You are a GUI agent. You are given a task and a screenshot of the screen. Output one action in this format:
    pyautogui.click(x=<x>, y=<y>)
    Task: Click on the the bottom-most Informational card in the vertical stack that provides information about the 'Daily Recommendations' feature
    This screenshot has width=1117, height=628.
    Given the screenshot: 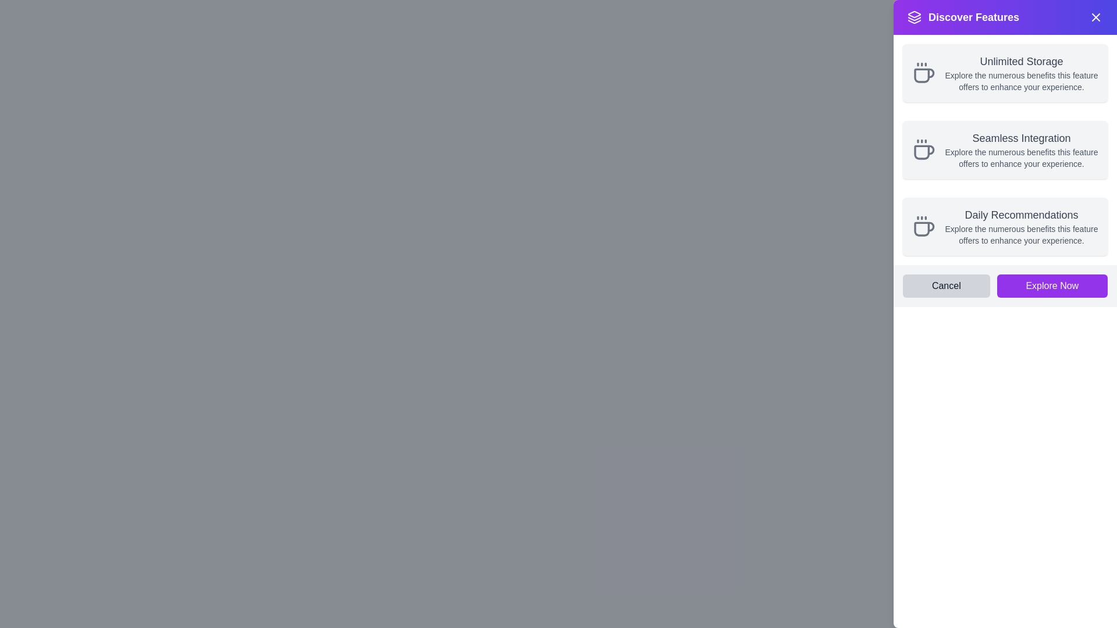 What is the action you would take?
    pyautogui.click(x=1005, y=226)
    